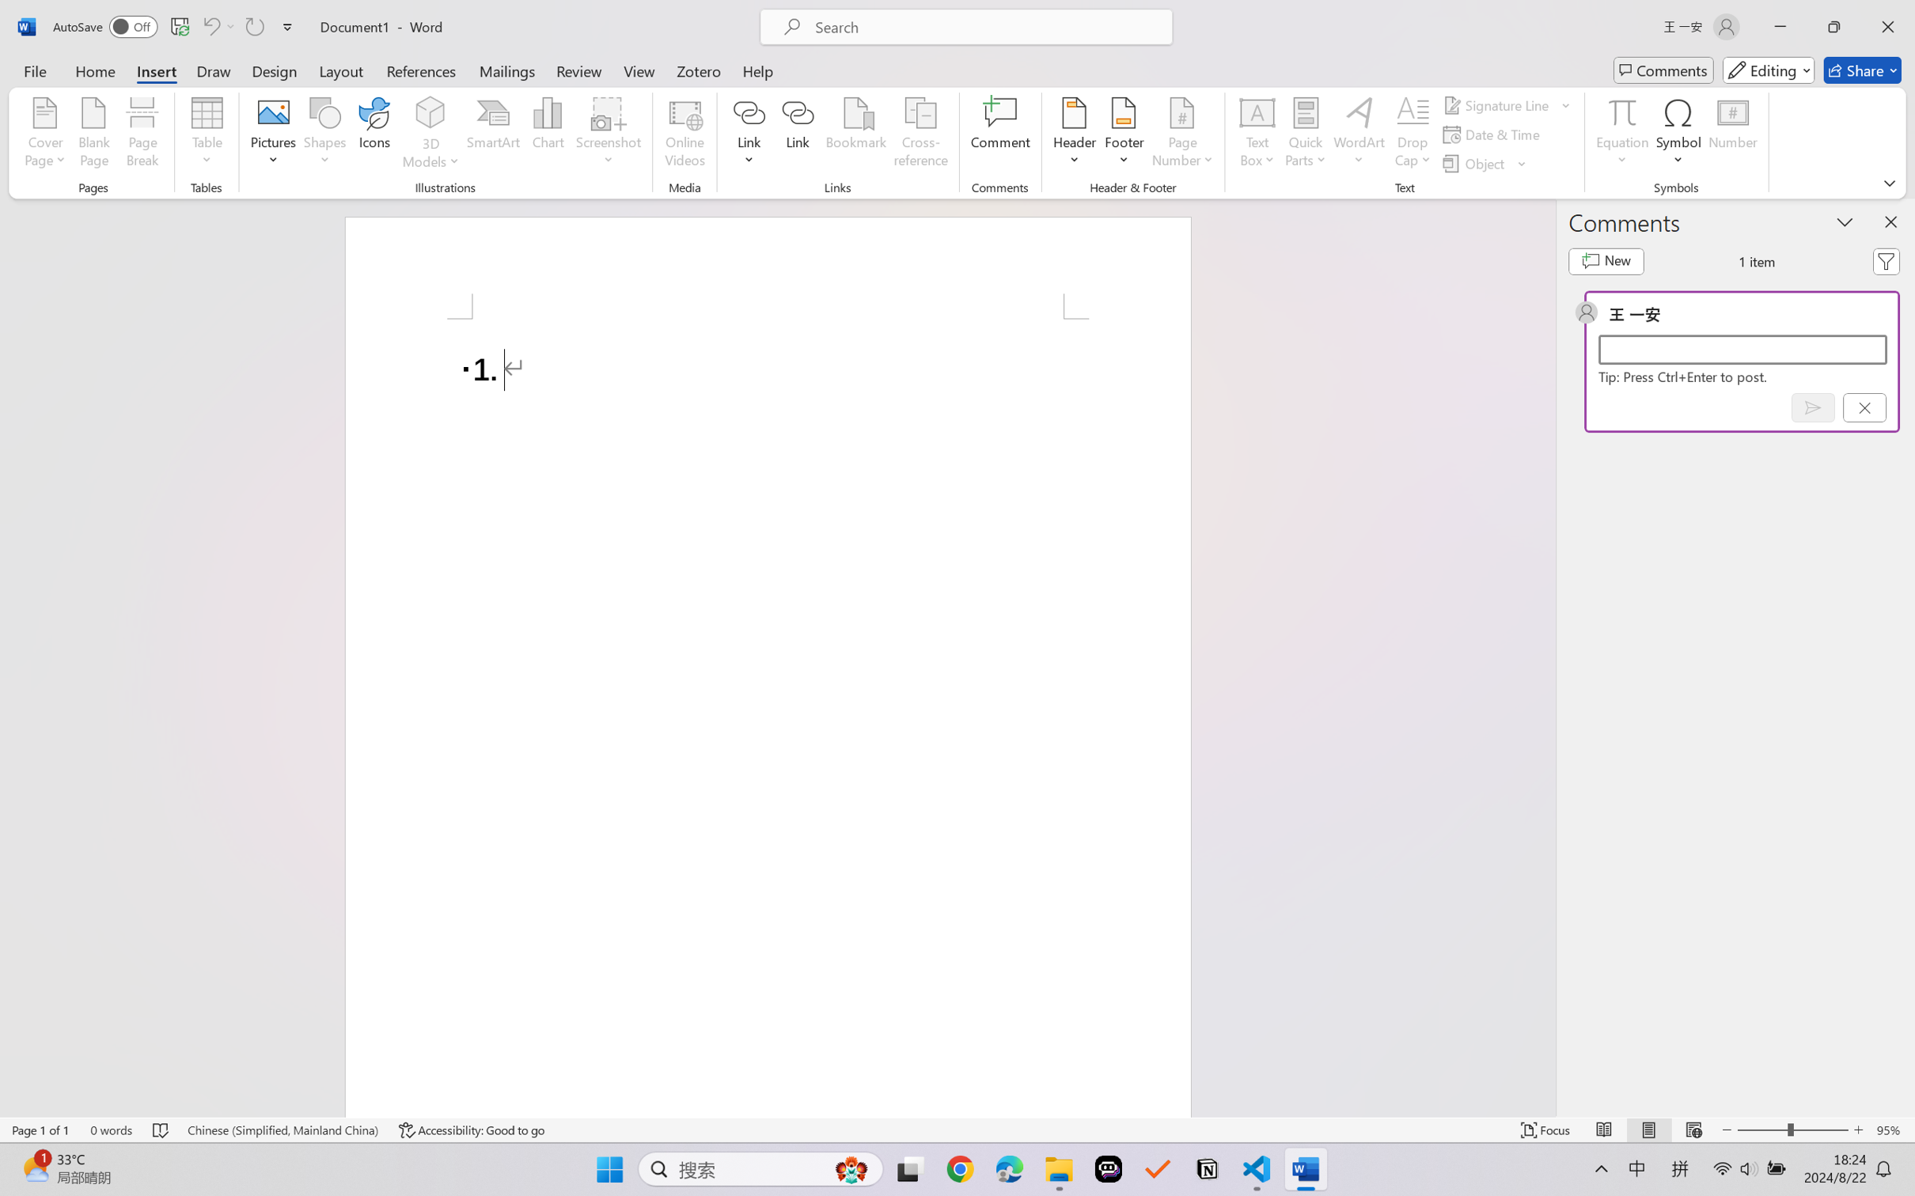  Describe the element at coordinates (323, 134) in the screenshot. I see `'Shapes'` at that location.